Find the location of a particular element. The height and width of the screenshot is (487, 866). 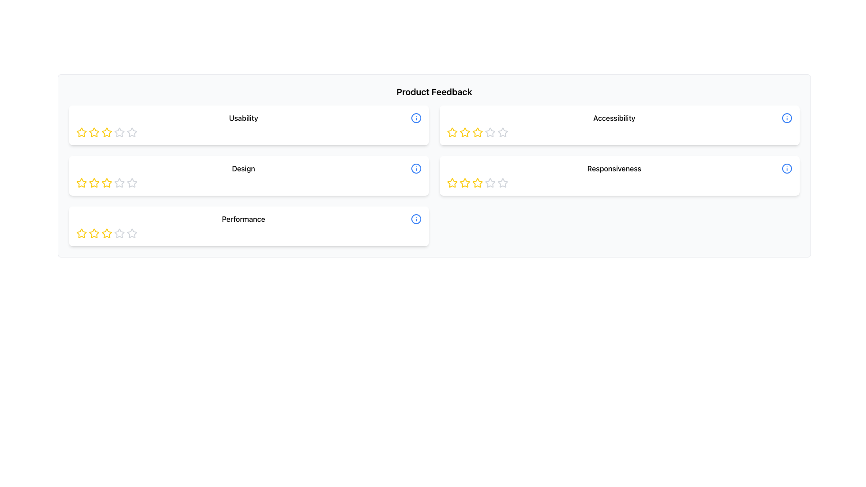

the fourth star-shaped icon filled with yellow color in the Responsiveness feedback category is located at coordinates (477, 183).